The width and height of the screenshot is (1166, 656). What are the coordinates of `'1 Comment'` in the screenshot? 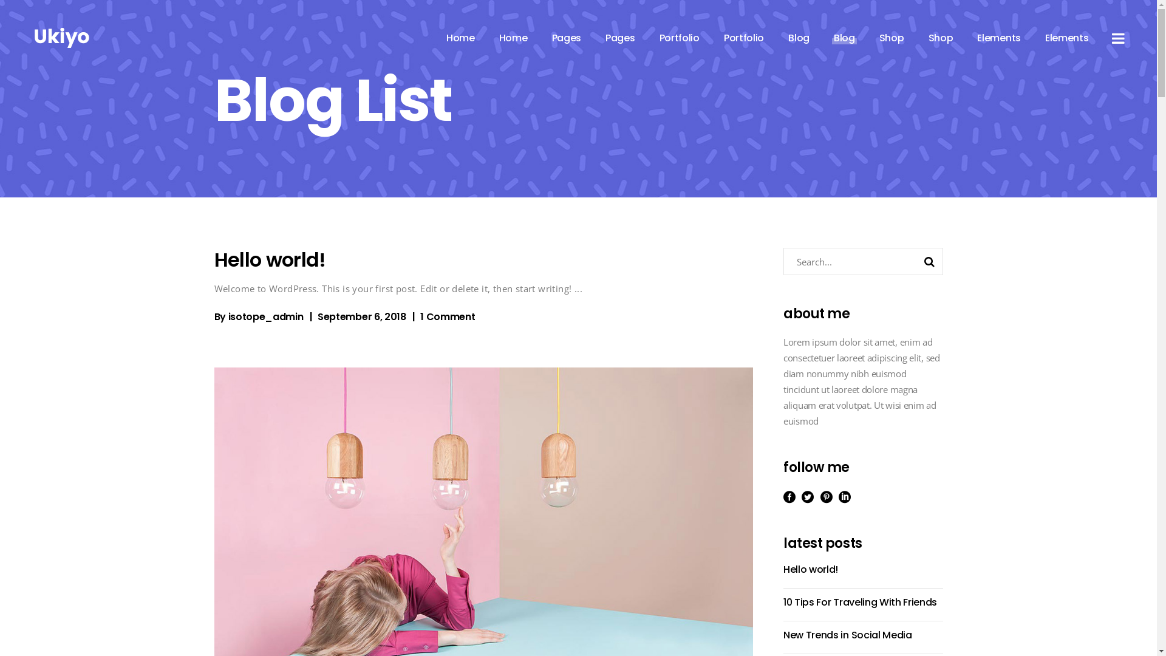 It's located at (447, 316).